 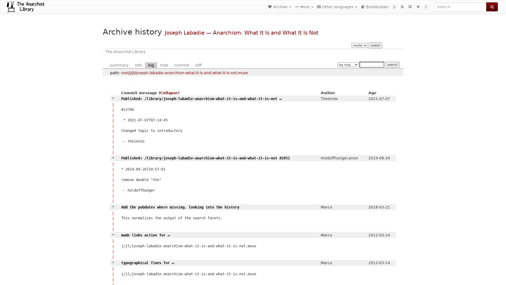 What do you see at coordinates (392, 64) in the screenshot?
I see `search` at bounding box center [392, 64].